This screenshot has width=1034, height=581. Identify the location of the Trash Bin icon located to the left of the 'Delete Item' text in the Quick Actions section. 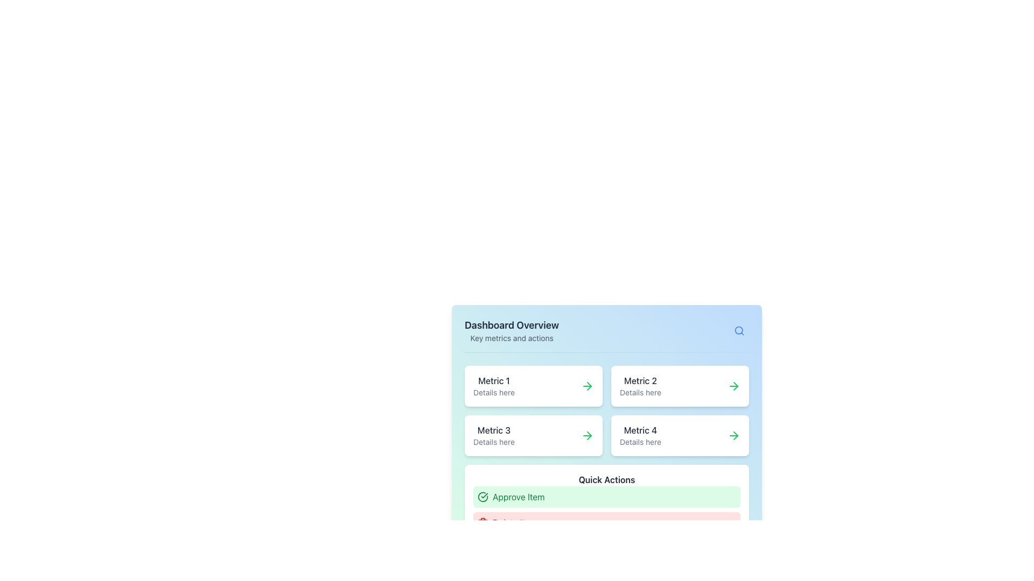
(483, 522).